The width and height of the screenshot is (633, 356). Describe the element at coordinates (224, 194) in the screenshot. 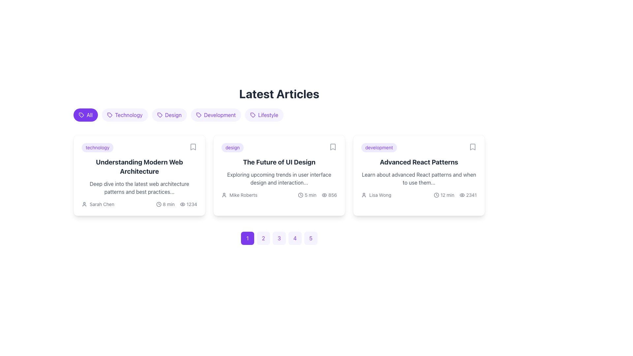

I see `the user icon, which resembles a small person profile and is located to the left of the name label 'Mike Roberts'` at that location.